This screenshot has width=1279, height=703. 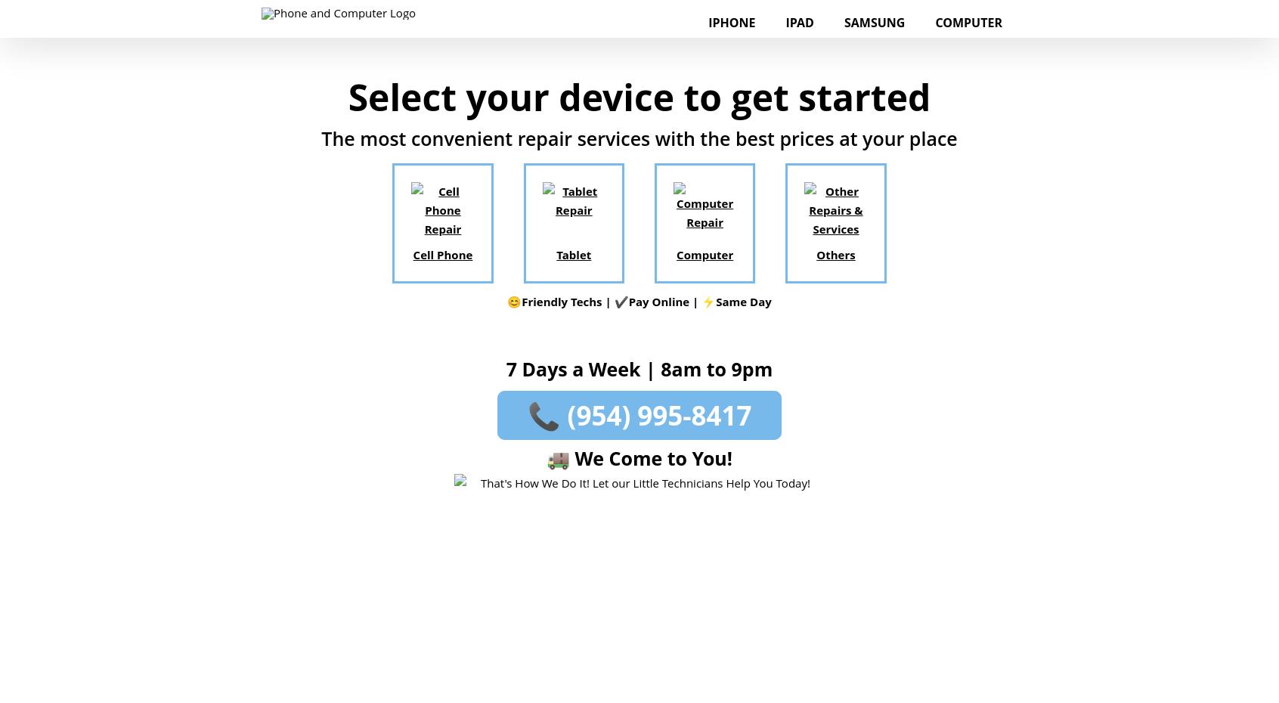 What do you see at coordinates (835, 253) in the screenshot?
I see `'Others'` at bounding box center [835, 253].